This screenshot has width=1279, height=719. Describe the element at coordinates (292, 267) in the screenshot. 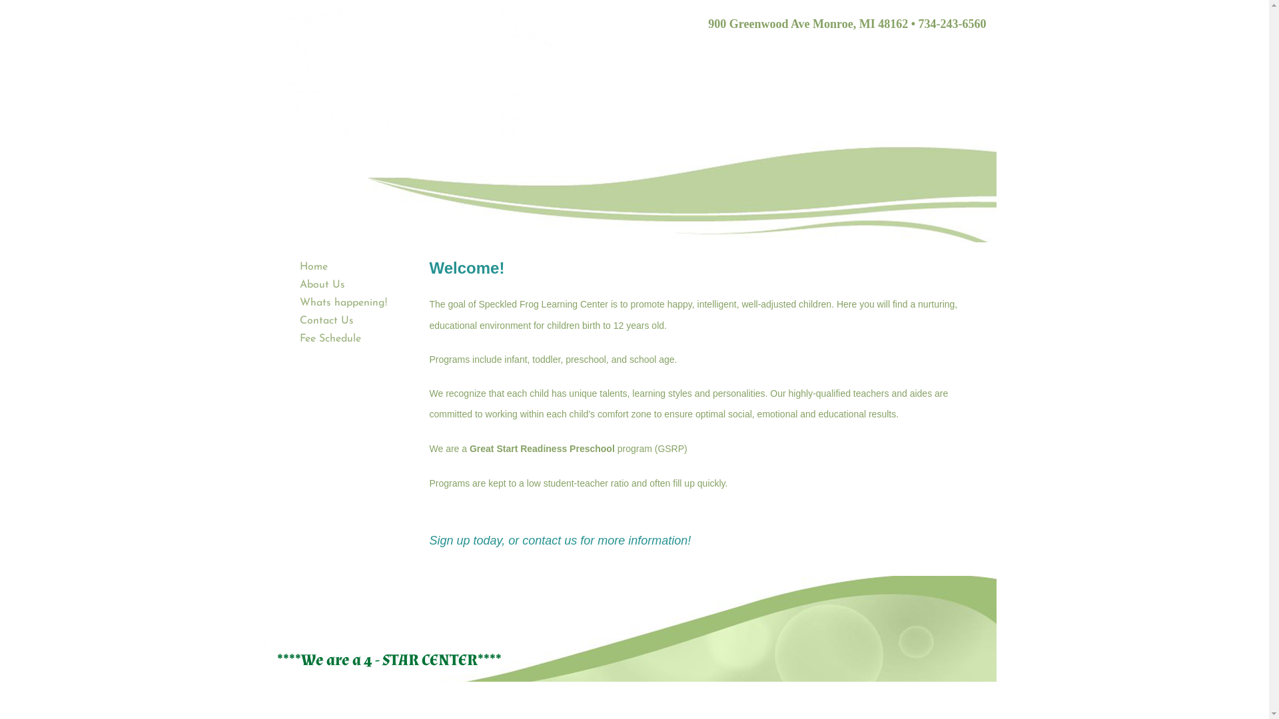

I see `'Home'` at that location.